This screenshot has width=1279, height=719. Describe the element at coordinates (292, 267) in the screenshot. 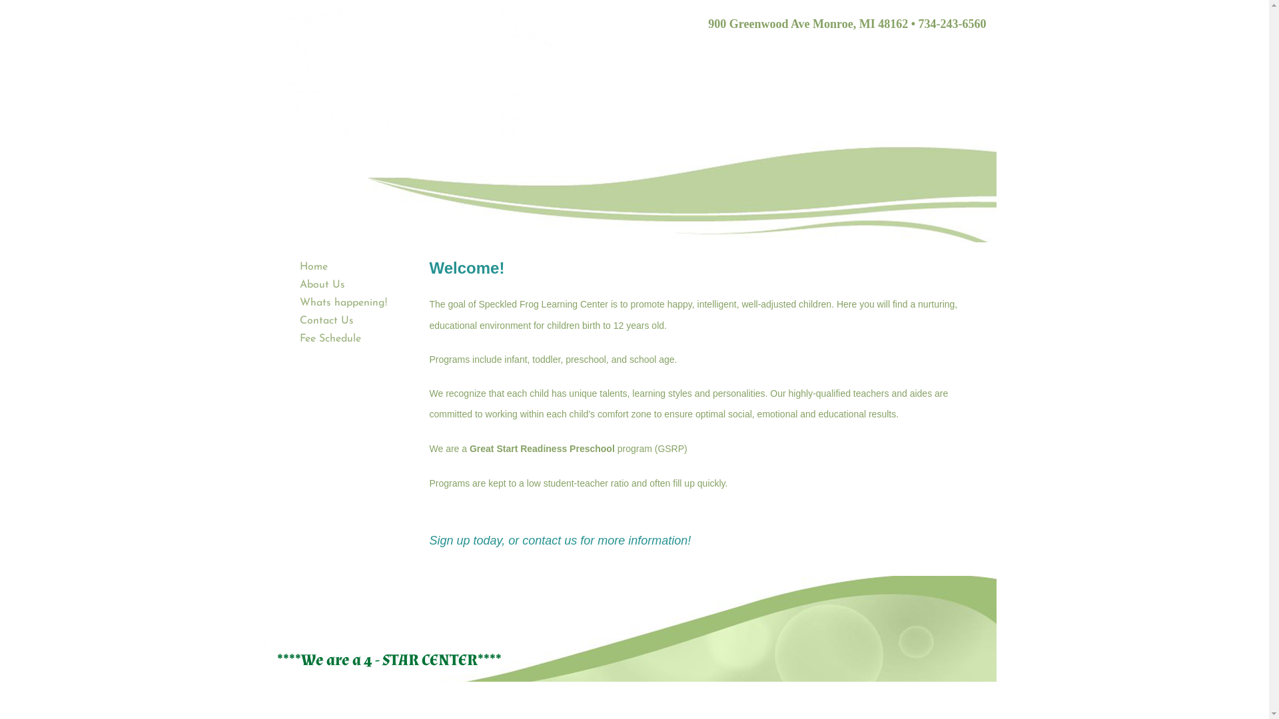

I see `'Home'` at that location.